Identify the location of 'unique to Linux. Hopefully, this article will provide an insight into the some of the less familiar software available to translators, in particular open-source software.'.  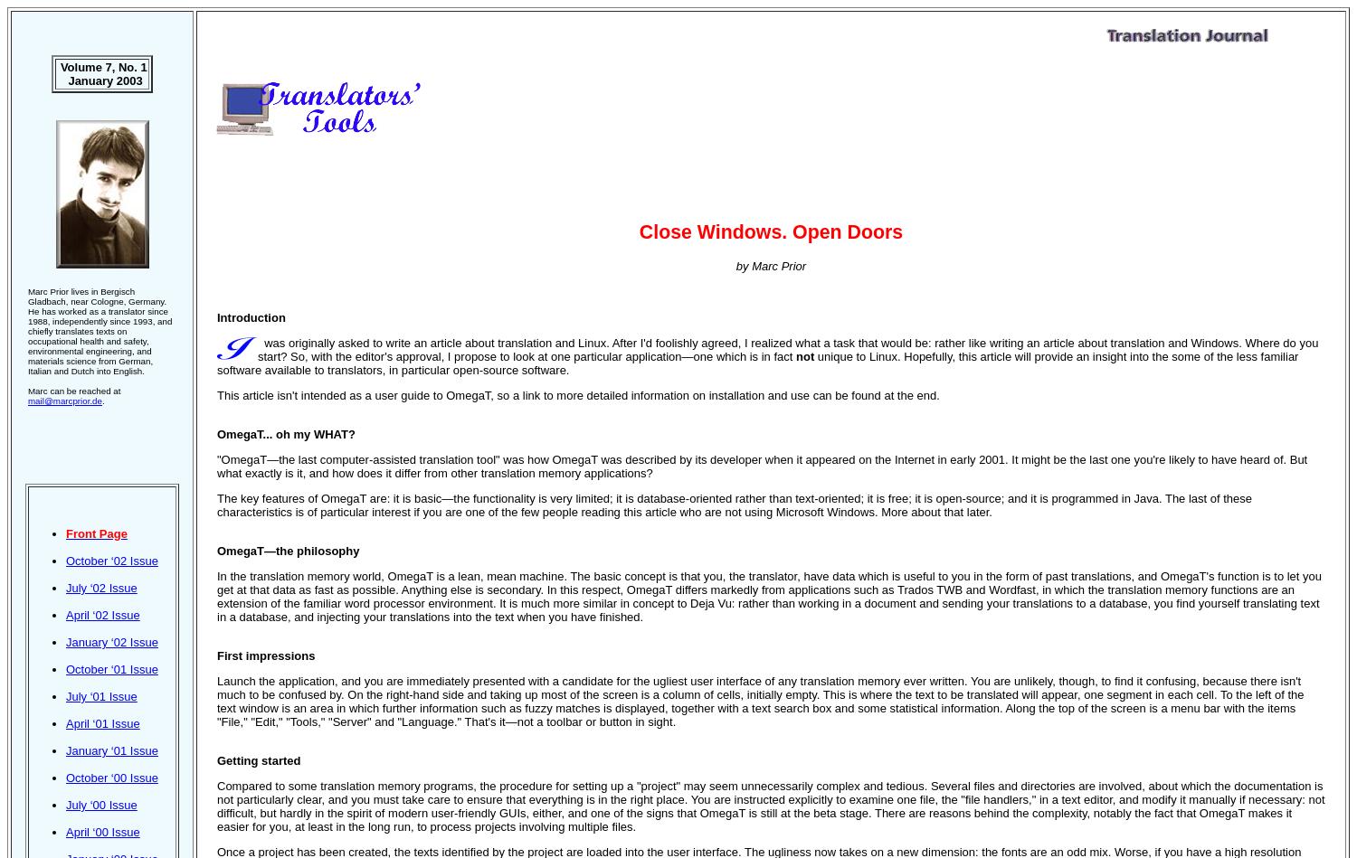
(756, 363).